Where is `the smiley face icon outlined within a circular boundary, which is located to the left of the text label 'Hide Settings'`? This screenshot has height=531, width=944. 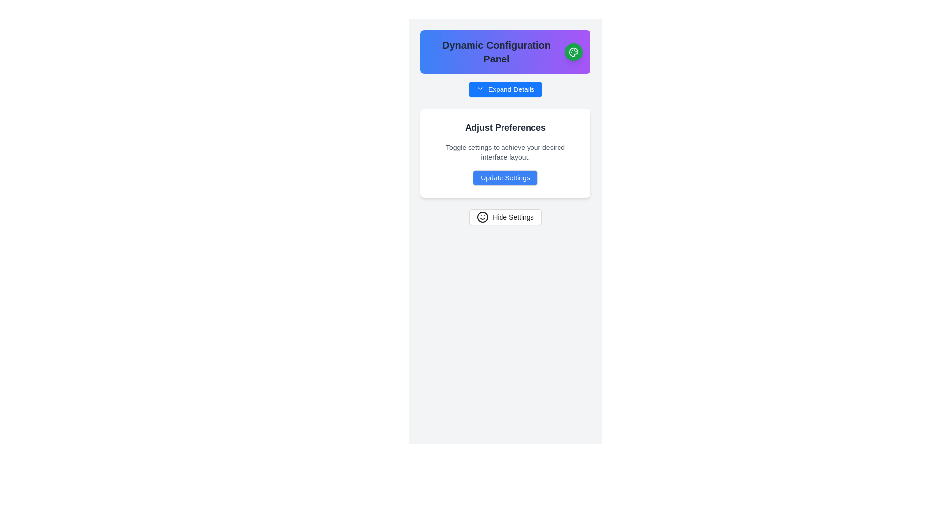
the smiley face icon outlined within a circular boundary, which is located to the left of the text label 'Hide Settings' is located at coordinates (483, 217).